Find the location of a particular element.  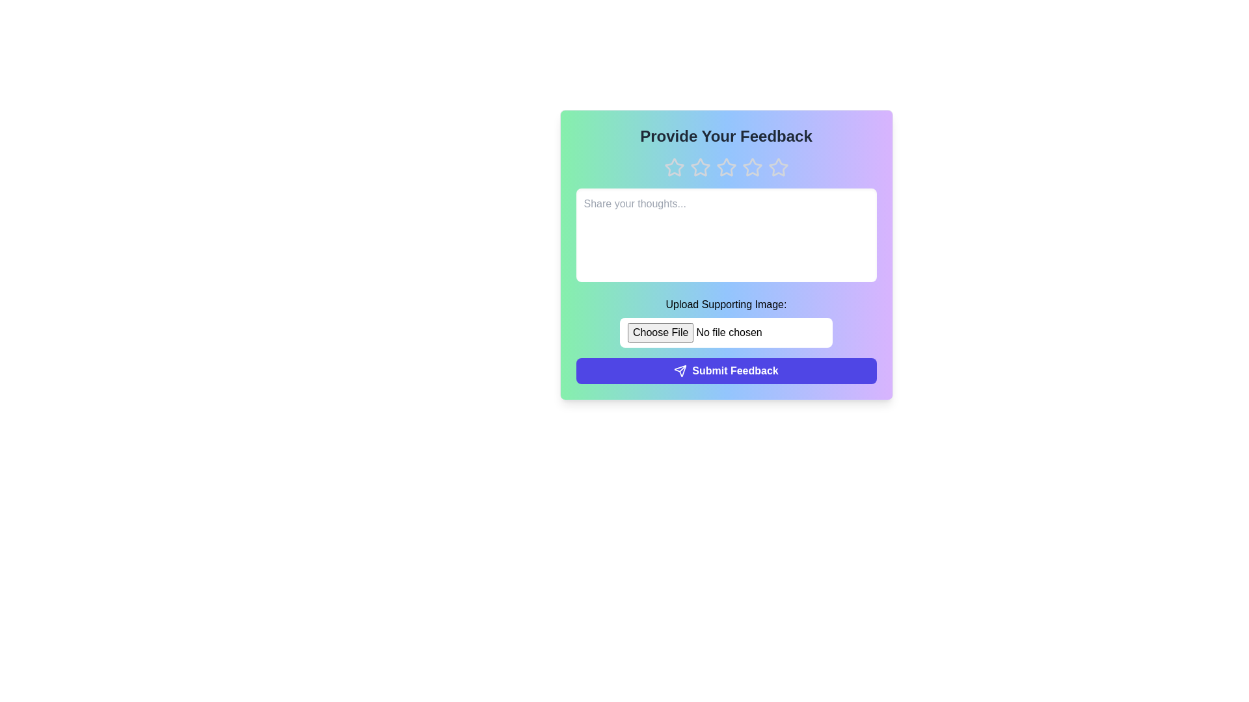

the 'Submit Feedback' button, which is a horizontally aligned rectangular button with a purple gradient background and white text, located at the bottom of the feedback form under 'Upload Supporting Image:' is located at coordinates (725, 370).